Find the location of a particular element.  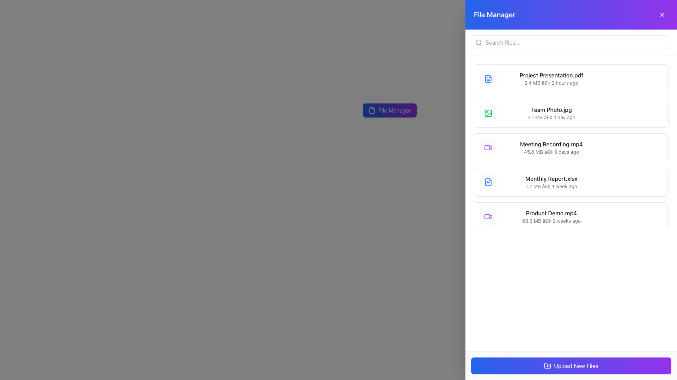

the file name 'Product Demo.mp4' from the text display element located in the file listing interface is located at coordinates (551, 216).